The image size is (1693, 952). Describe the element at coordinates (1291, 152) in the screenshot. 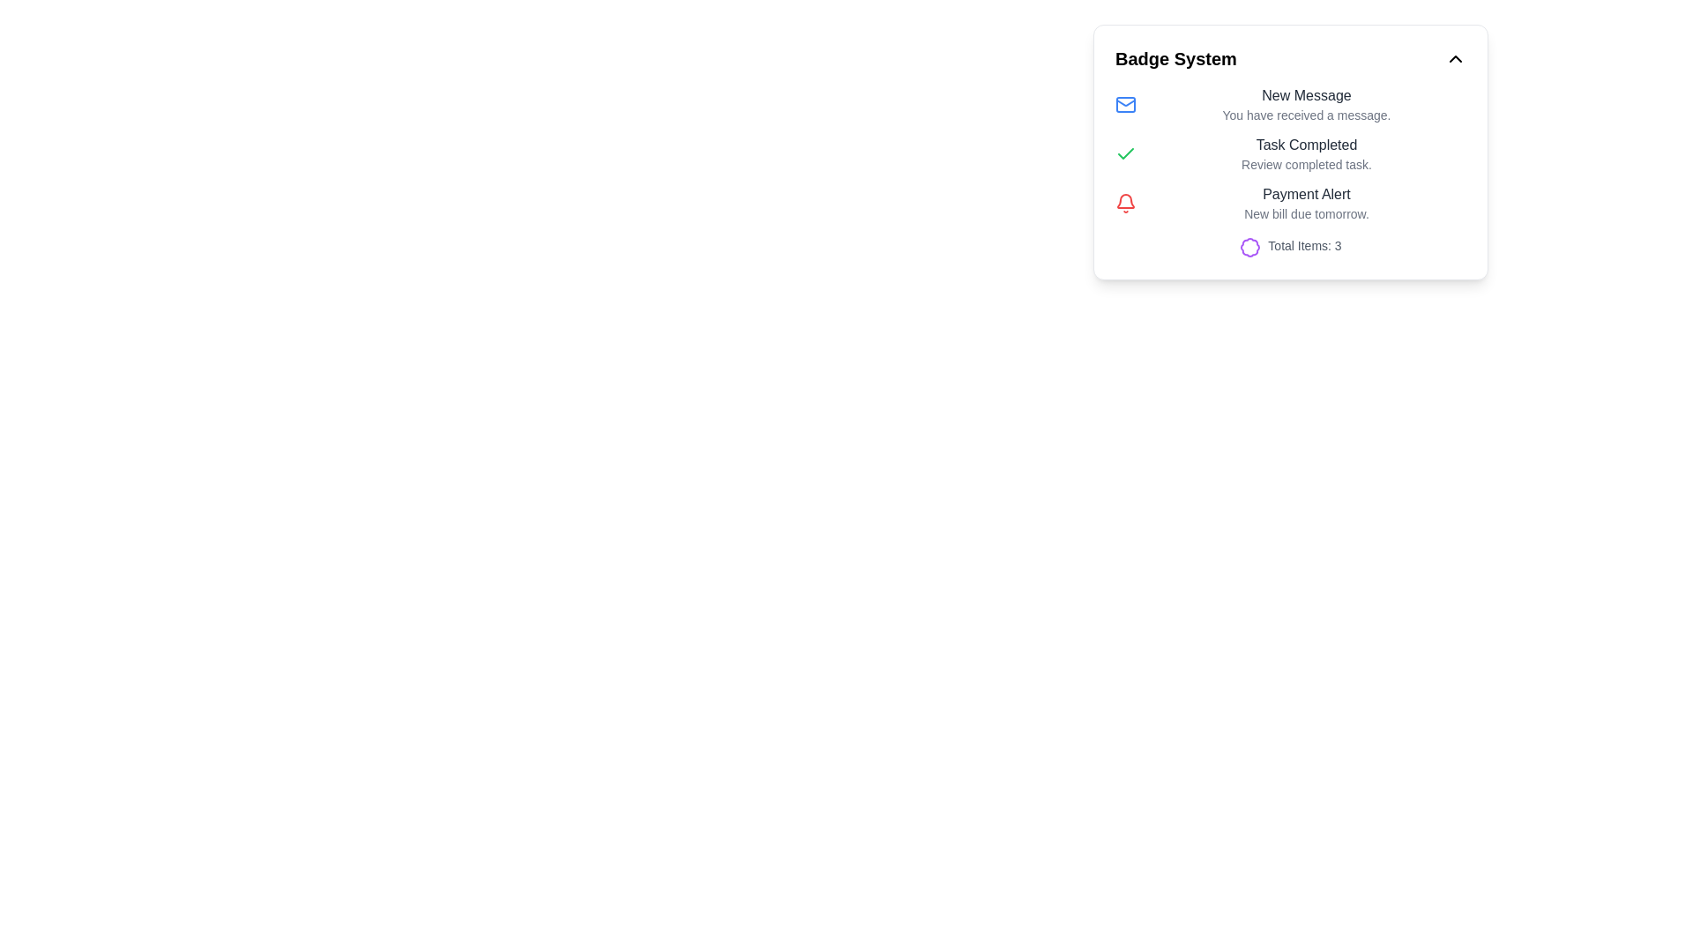

I see `the Notification panel item, which is a section with a white background and rounded corners, positioned centrally as the second item in a series of three notifications` at that location.